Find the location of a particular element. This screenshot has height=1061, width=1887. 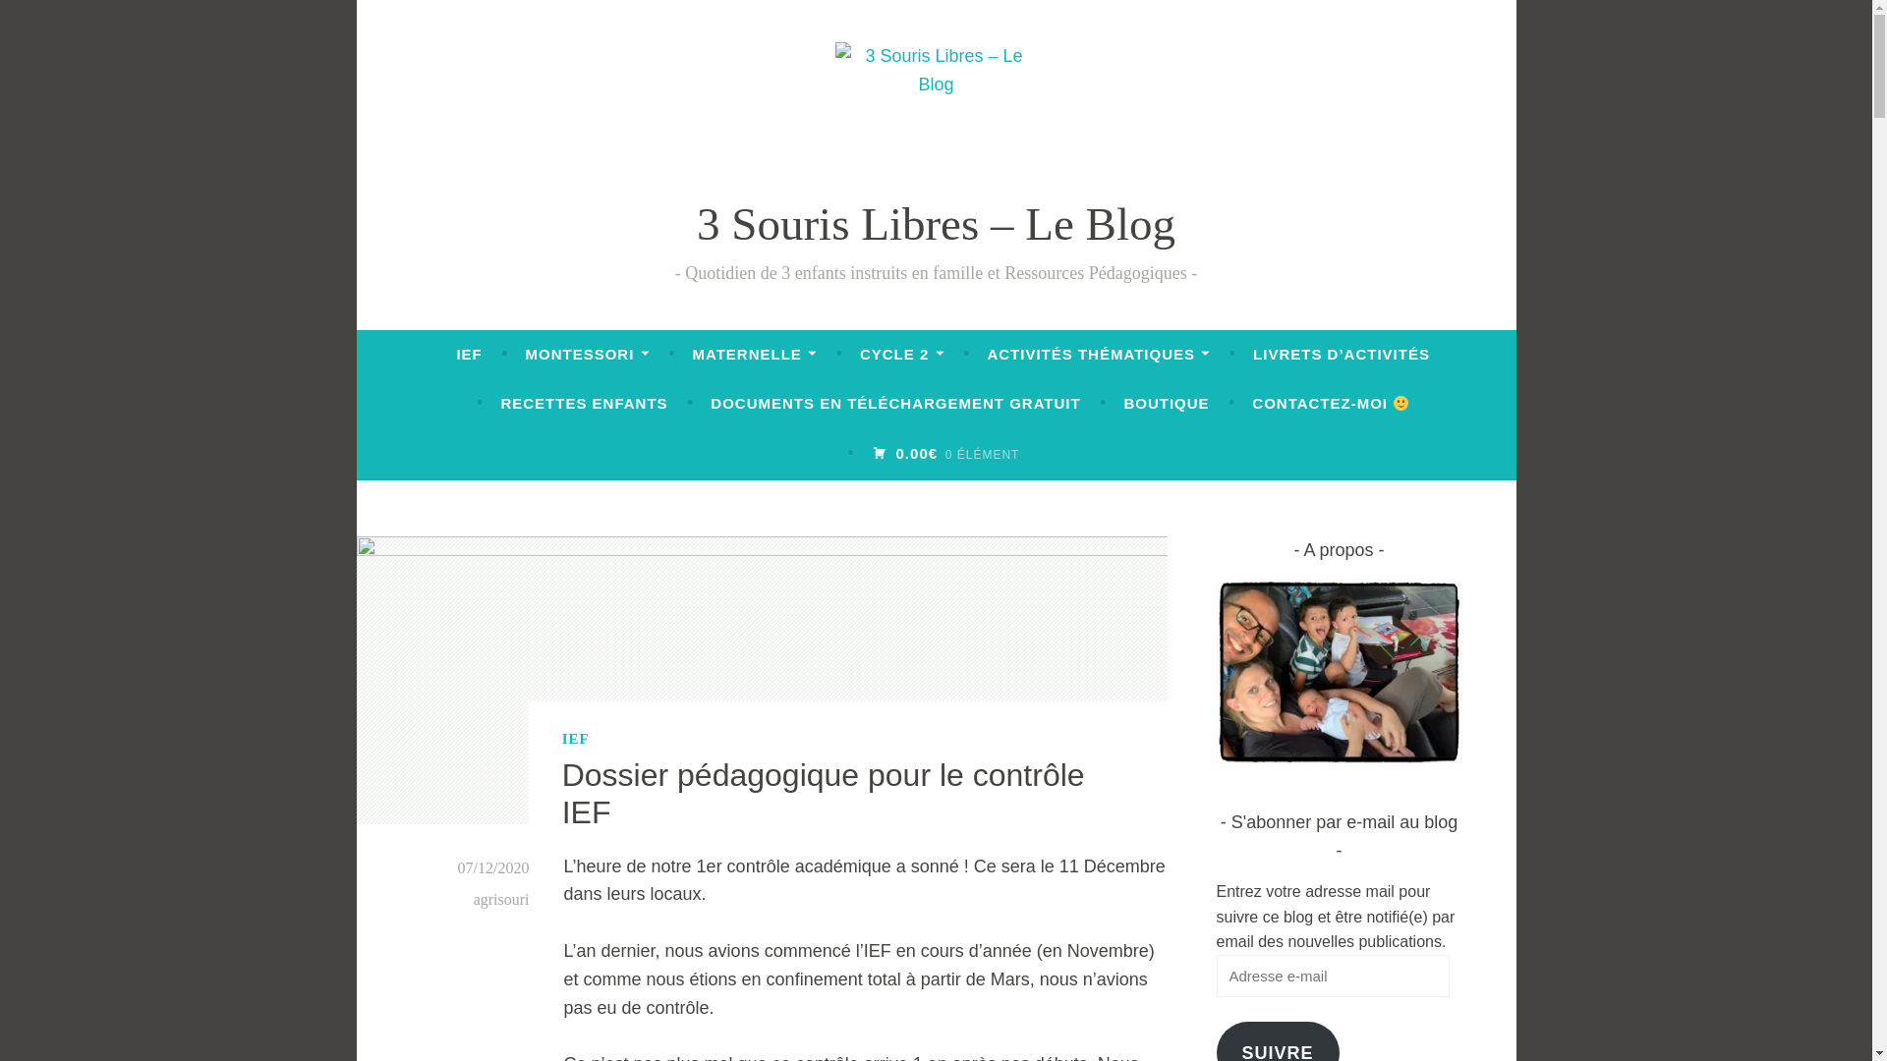

'BOUTIQUE' is located at coordinates (1122, 403).